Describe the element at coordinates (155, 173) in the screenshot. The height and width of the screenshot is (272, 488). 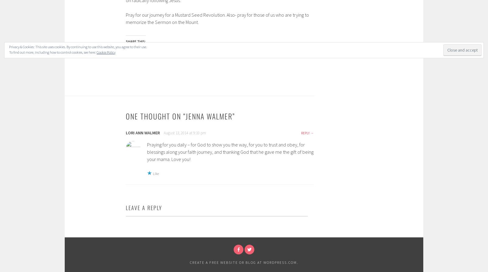
I see `'Like'` at that location.